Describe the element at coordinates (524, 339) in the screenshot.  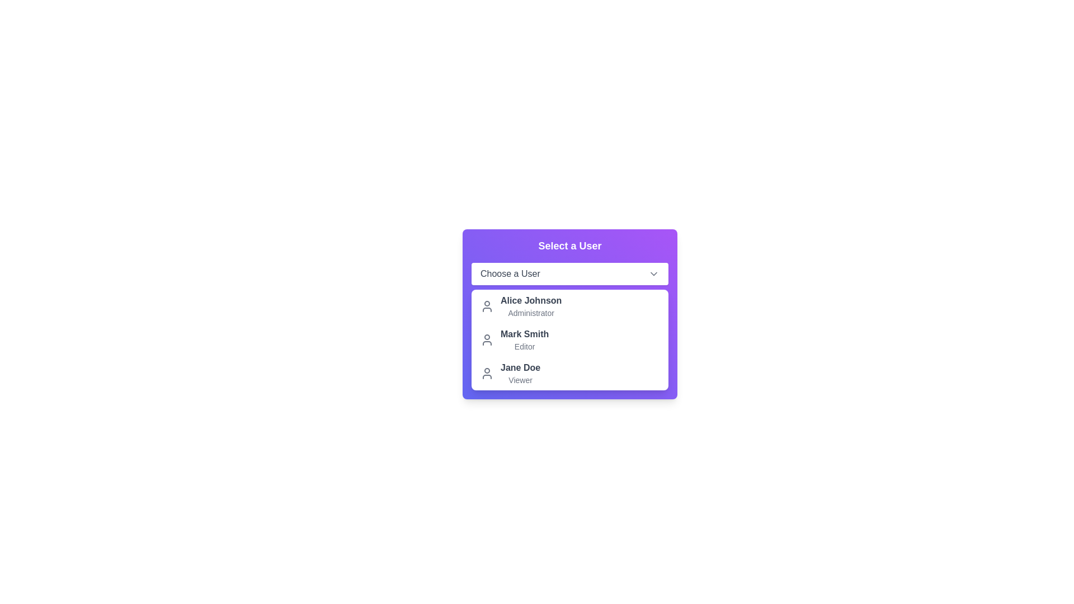
I see `the Composite text label displaying 'Mark Smith - Editor'` at that location.